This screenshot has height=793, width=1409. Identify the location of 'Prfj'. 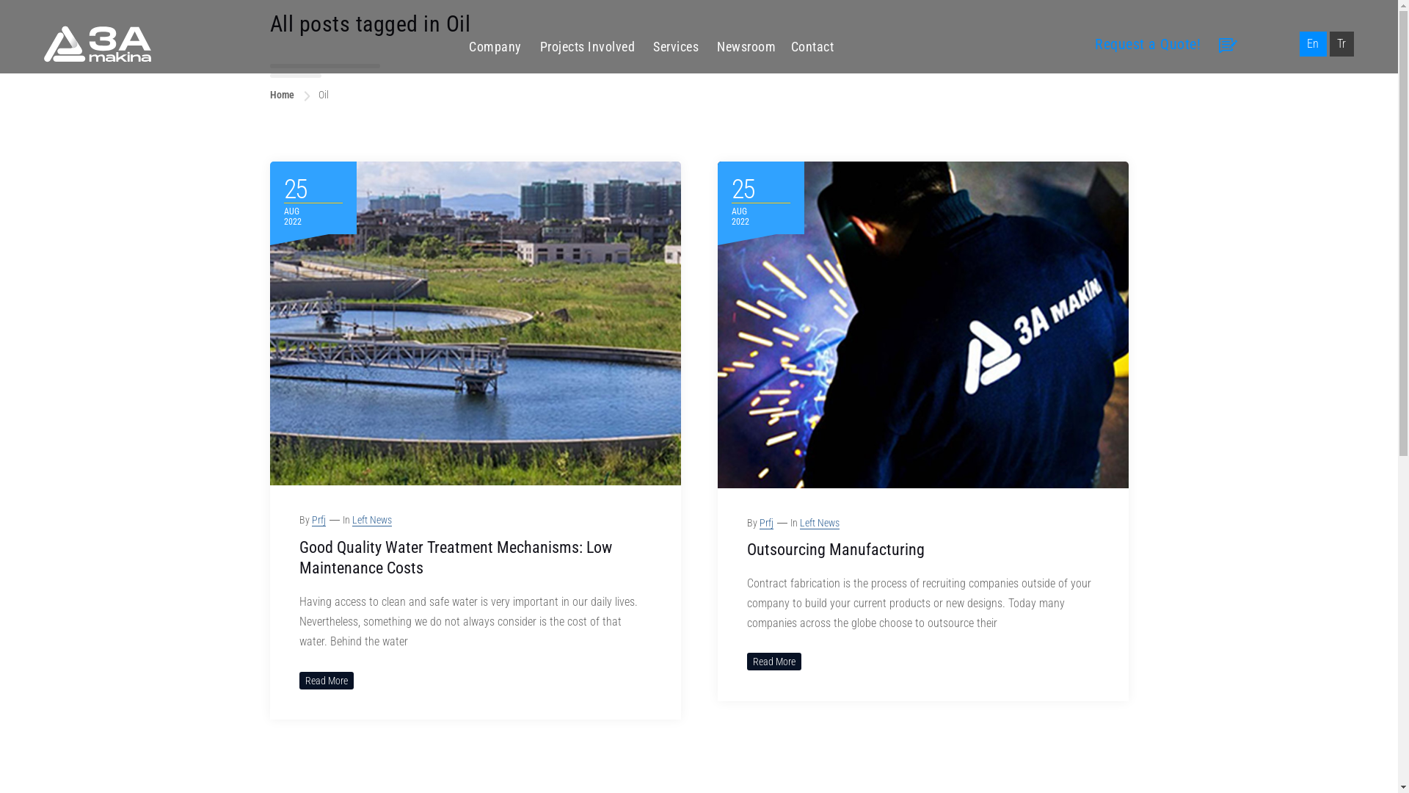
(765, 522).